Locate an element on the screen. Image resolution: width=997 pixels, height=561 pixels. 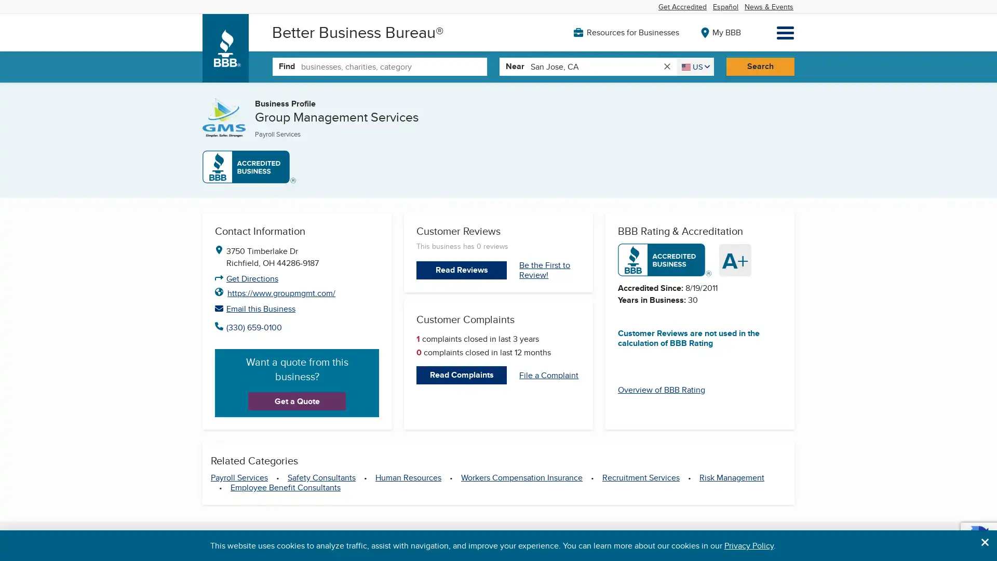
Search is located at coordinates (760, 66).